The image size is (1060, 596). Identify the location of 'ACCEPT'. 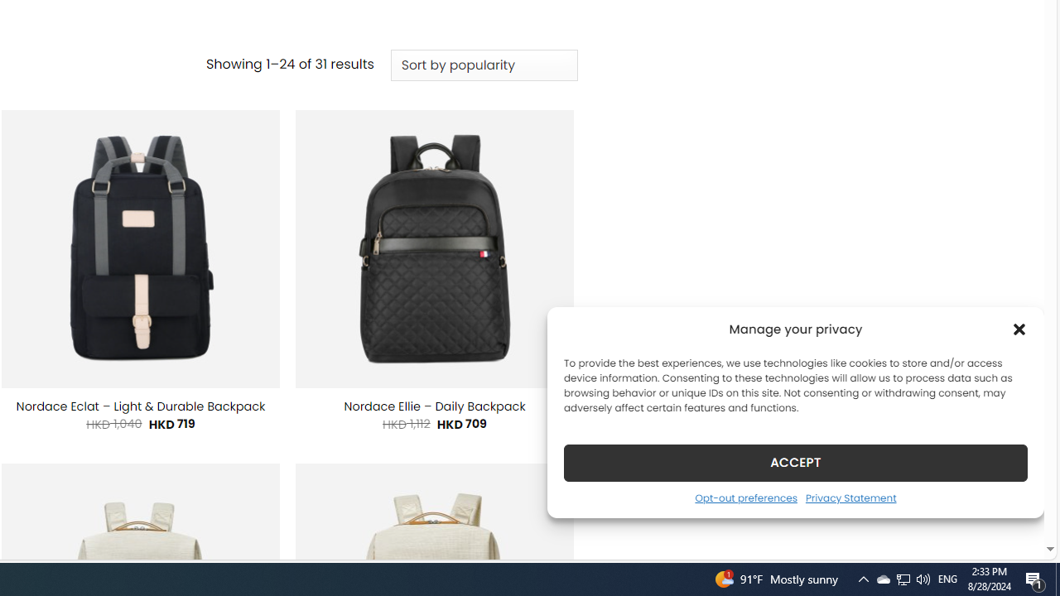
(796, 462).